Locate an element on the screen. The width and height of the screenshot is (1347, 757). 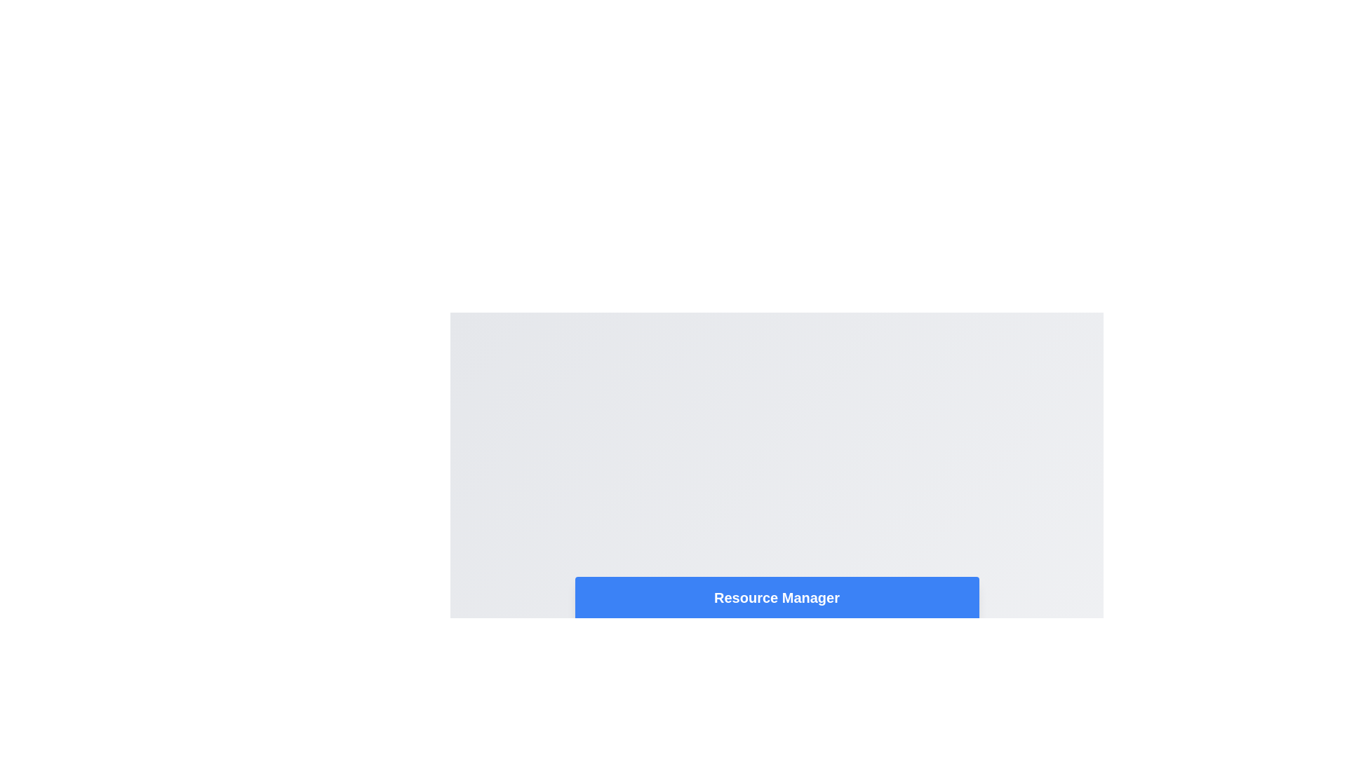
the header text 'Resource Manager' is located at coordinates (776, 597).